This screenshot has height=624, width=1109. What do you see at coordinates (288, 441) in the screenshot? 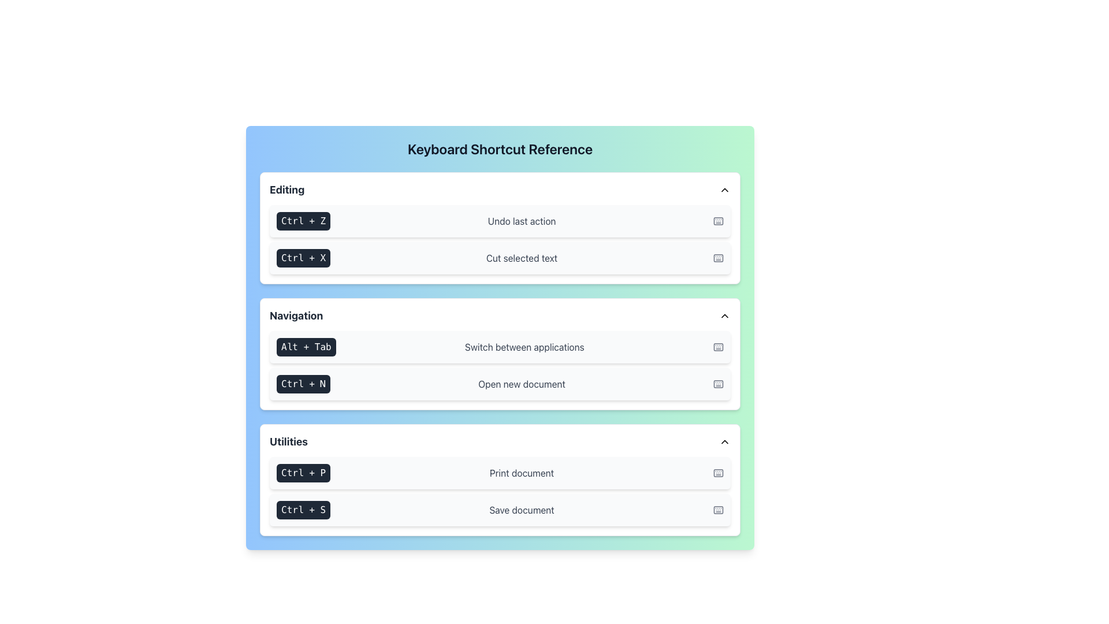
I see `the 'Utilities' Text Label element, which is prominently displayed in a large, bold font and dark gray color on a light background, located near the top-left corner of its section` at bounding box center [288, 441].